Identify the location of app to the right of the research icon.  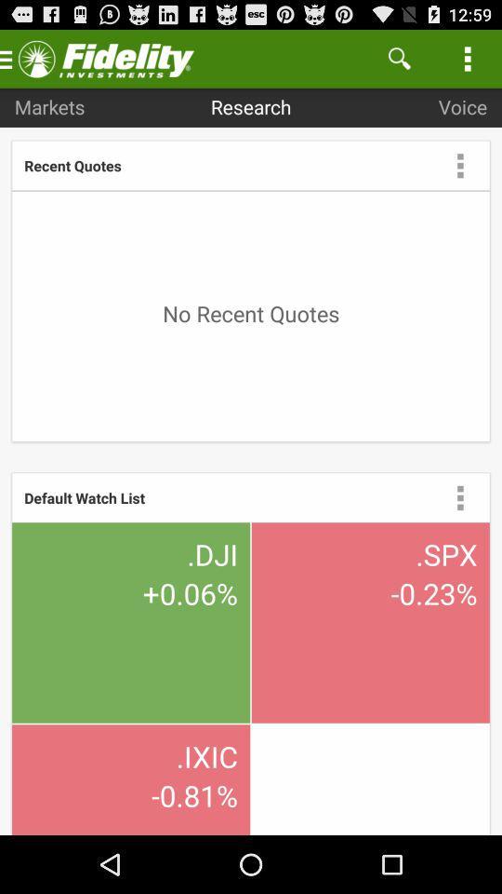
(398, 58).